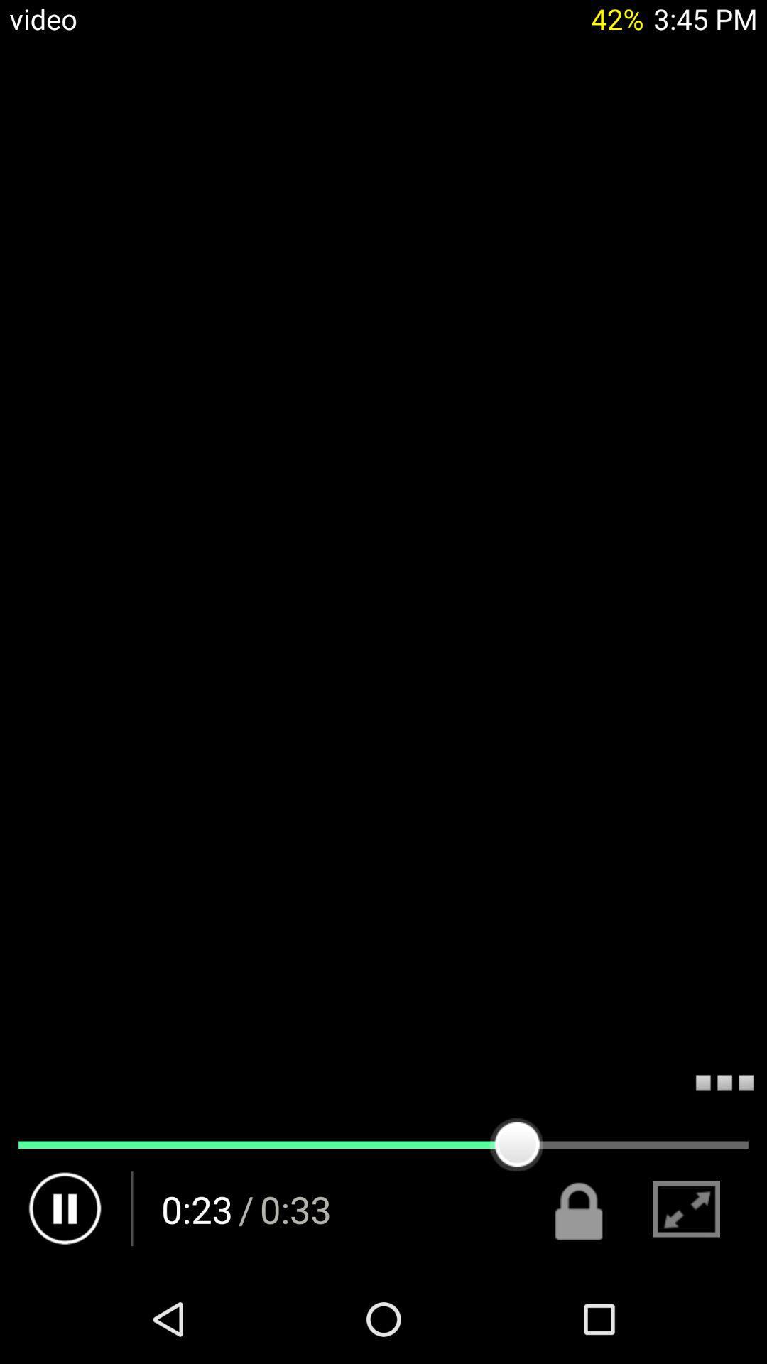 Image resolution: width=767 pixels, height=1364 pixels. What do you see at coordinates (580, 1294) in the screenshot?
I see `the lock icon` at bounding box center [580, 1294].